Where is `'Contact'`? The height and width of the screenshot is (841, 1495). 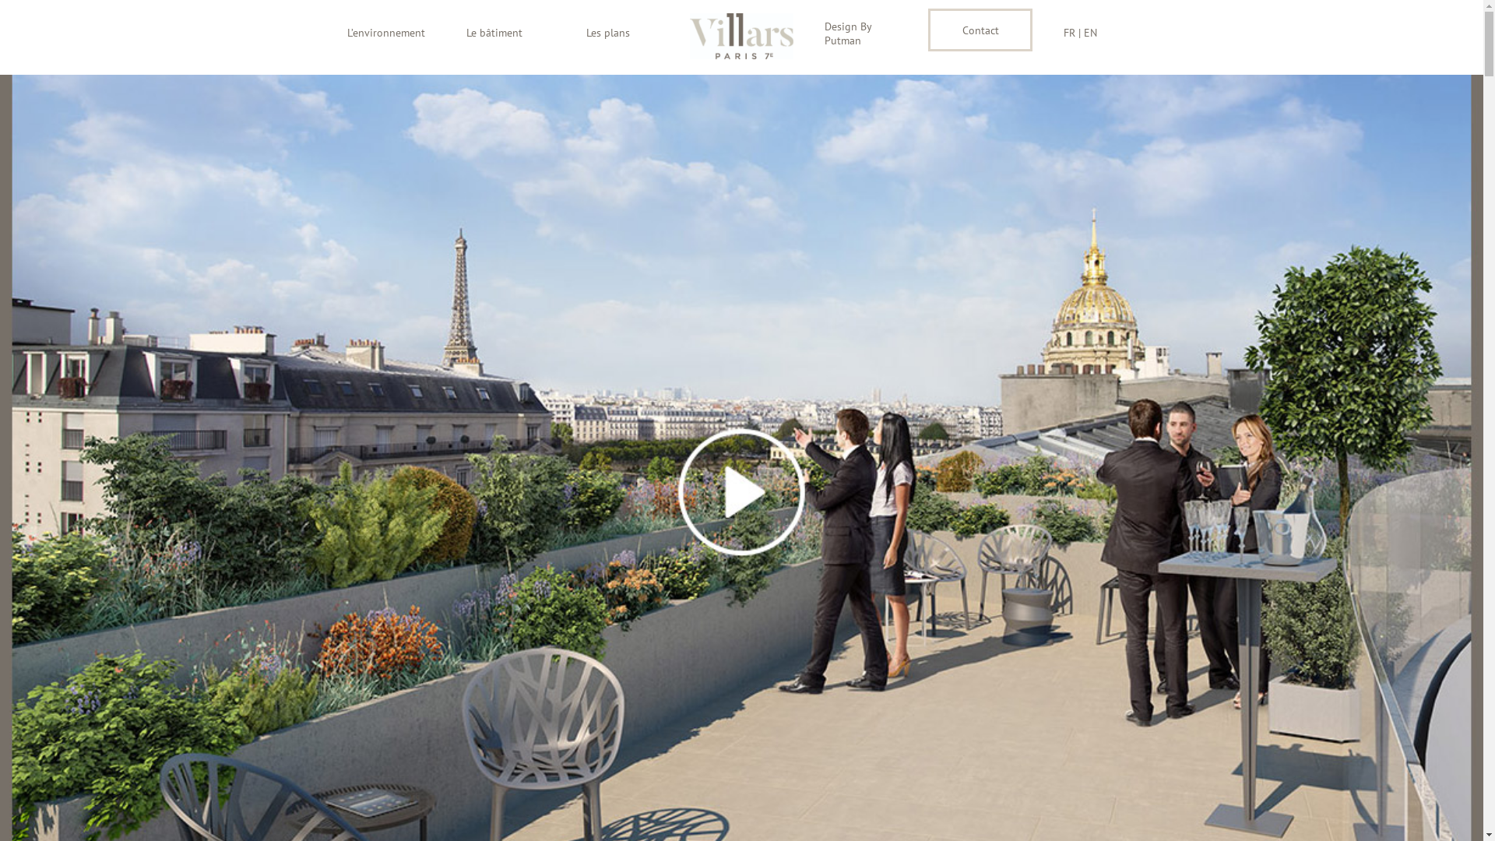
'Contact' is located at coordinates (927, 30).